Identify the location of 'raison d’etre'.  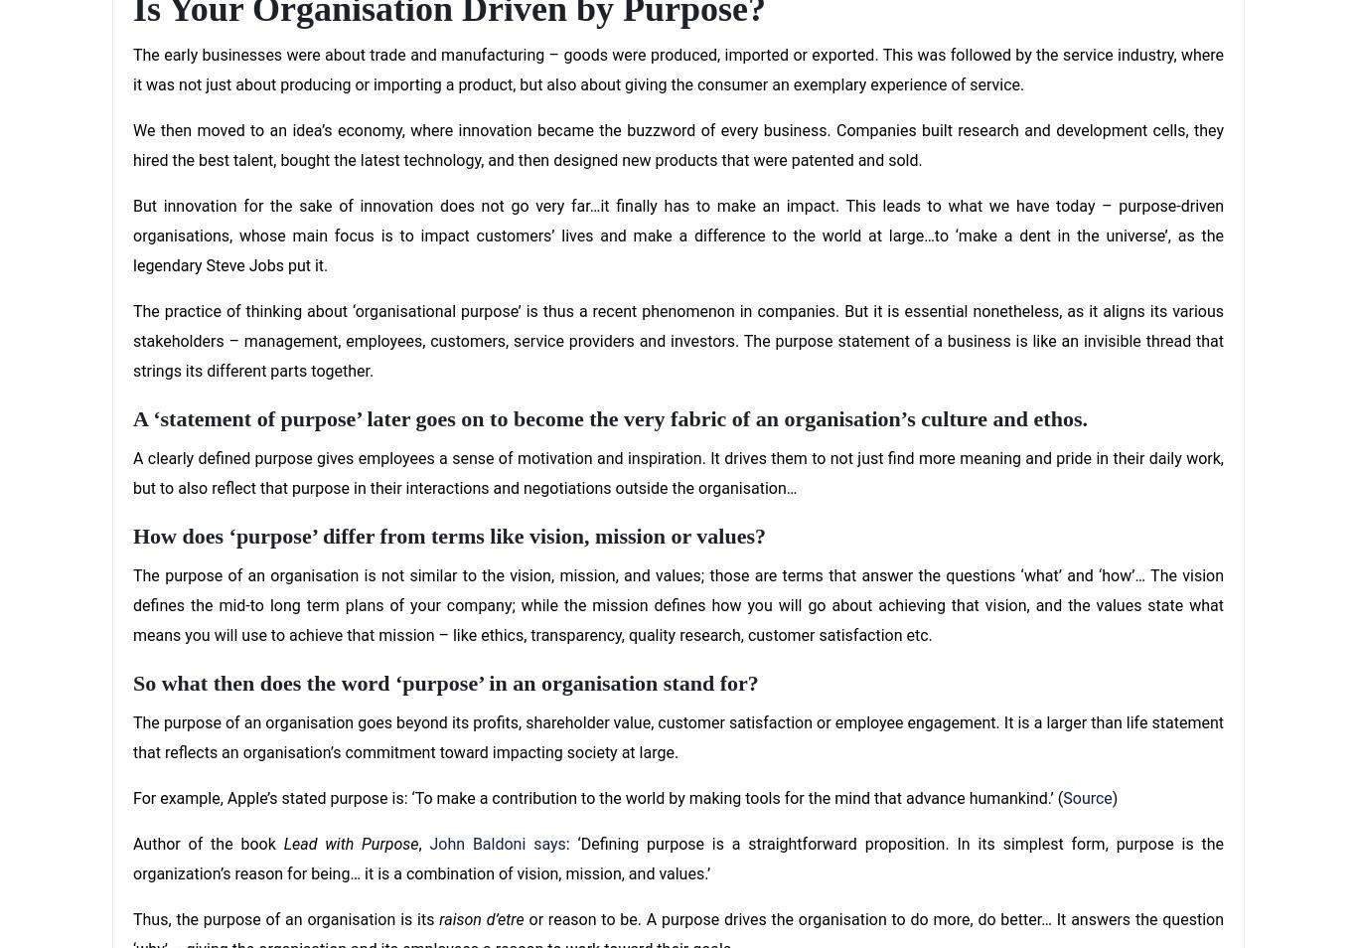
(438, 918).